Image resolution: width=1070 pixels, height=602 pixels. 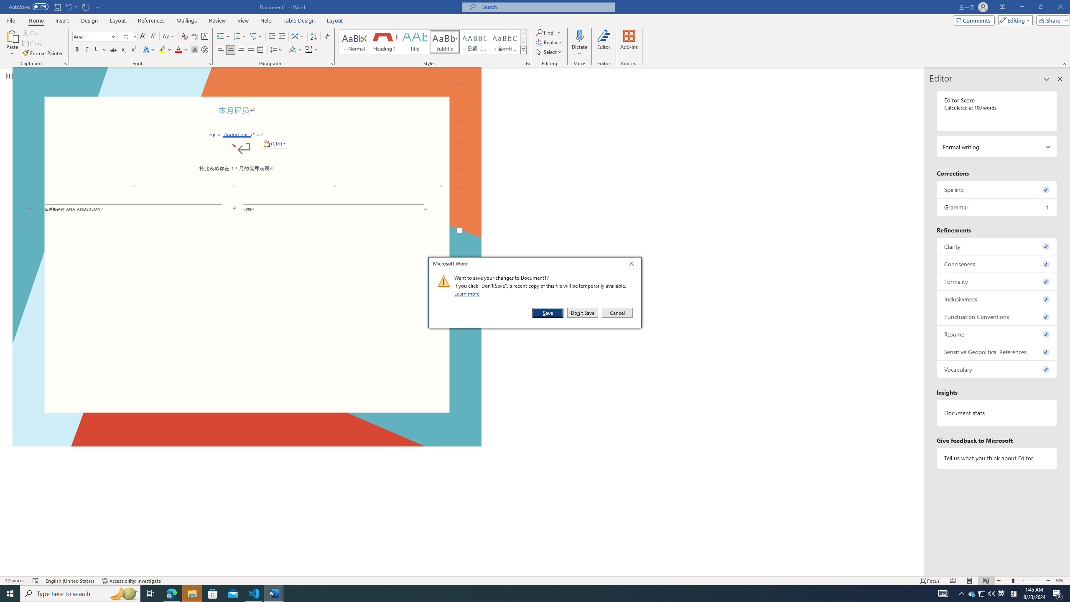 What do you see at coordinates (982, 593) in the screenshot?
I see `'User Promoted Notification Area'` at bounding box center [982, 593].